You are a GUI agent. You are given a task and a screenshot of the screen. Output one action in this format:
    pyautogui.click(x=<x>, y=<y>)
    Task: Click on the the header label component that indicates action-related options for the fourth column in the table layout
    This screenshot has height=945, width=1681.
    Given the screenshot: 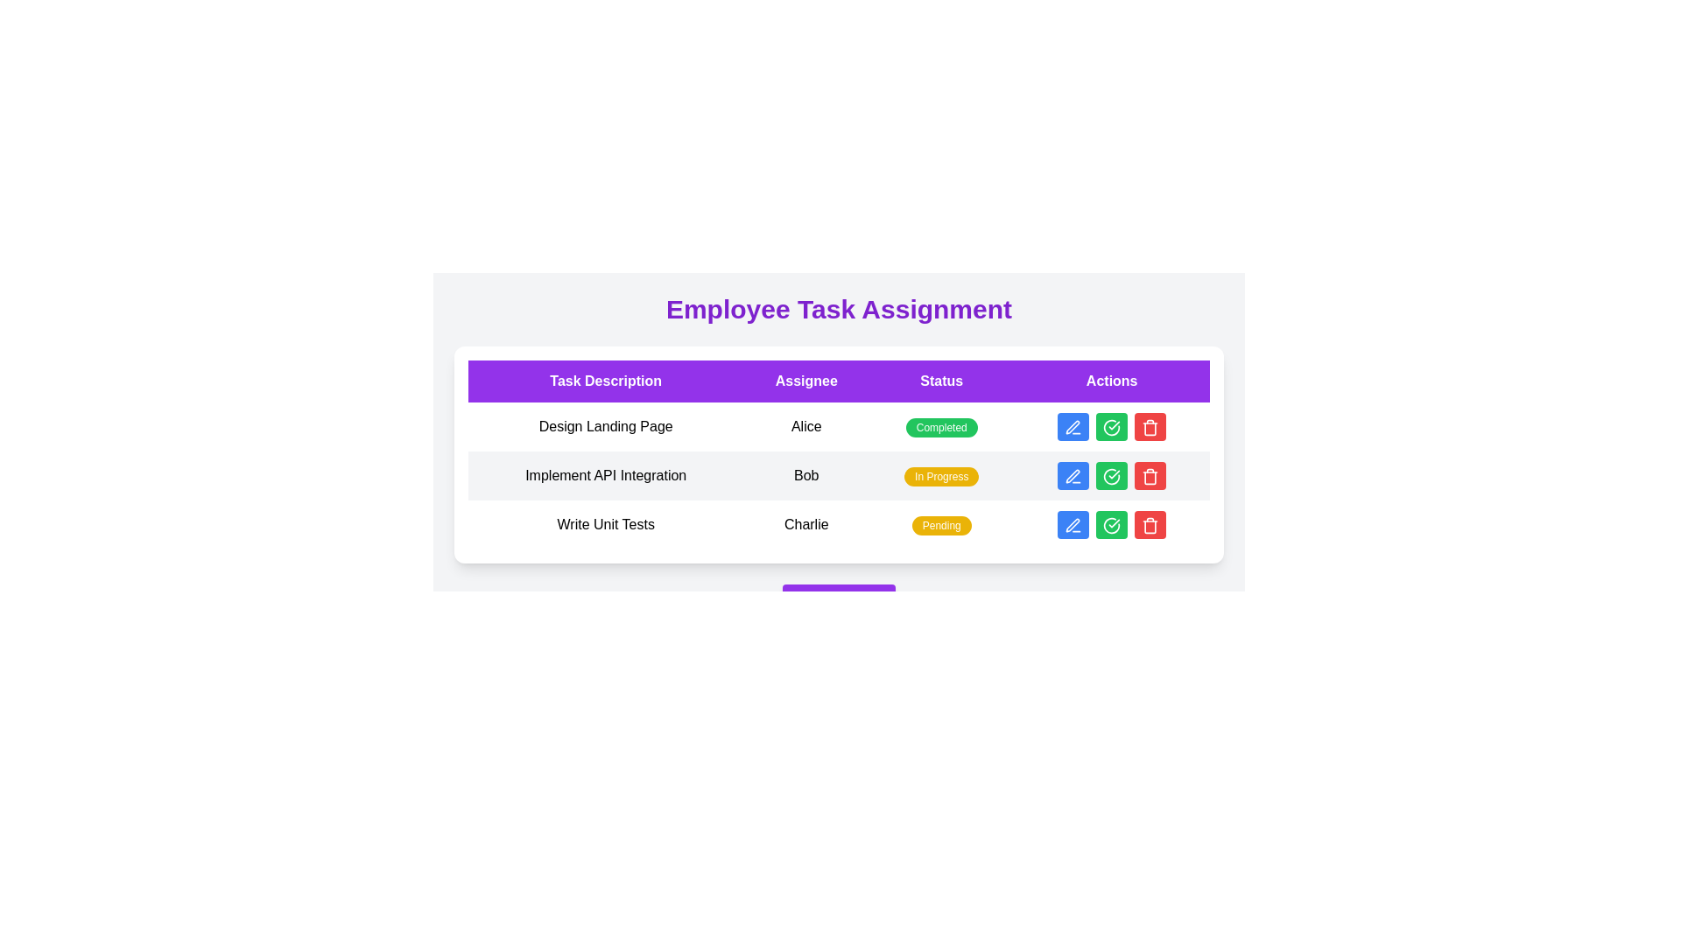 What is the action you would take?
    pyautogui.click(x=1111, y=380)
    